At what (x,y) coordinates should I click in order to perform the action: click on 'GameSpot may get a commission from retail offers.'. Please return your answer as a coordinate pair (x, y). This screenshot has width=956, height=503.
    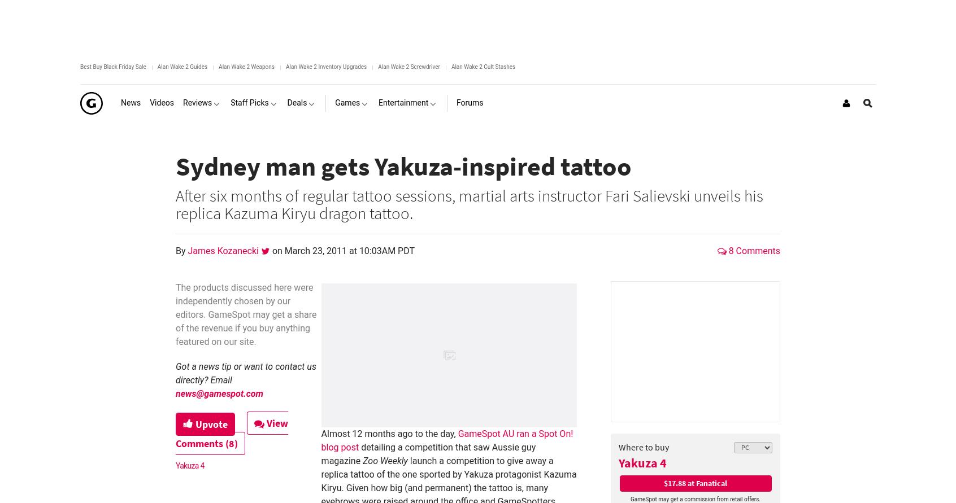
    Looking at the image, I should click on (695, 498).